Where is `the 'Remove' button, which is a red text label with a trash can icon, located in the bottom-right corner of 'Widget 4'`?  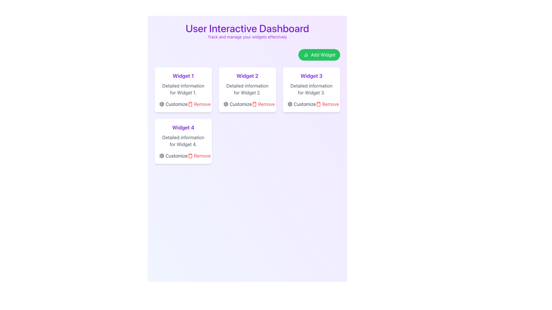
the 'Remove' button, which is a red text label with a trash can icon, located in the bottom-right corner of 'Widget 4' is located at coordinates (199, 156).